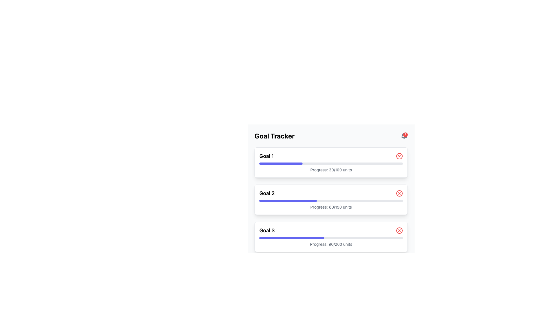 This screenshot has height=309, width=549. What do you see at coordinates (288, 201) in the screenshot?
I see `the indigo progress bar segment representing 40% completion within the 'Goal 2' section of the progress bar` at bounding box center [288, 201].